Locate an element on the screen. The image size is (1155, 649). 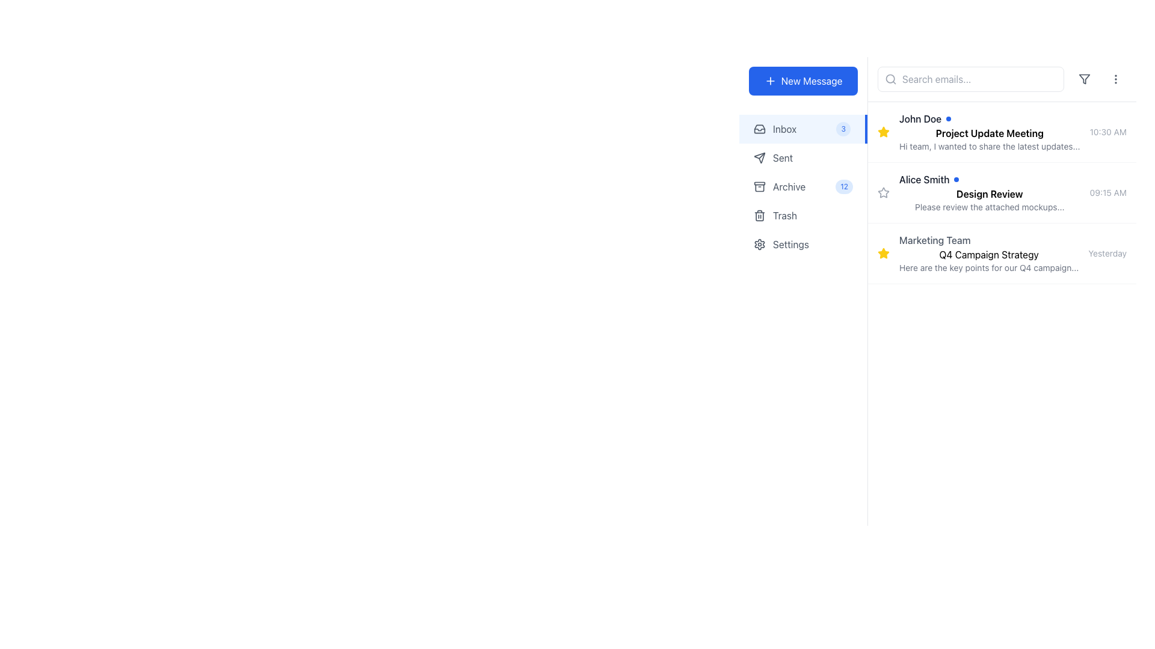
the text label displaying 'Design Review' located in the second email listing in the inbox view, positioned below 'Alice Smith' and above the email preview is located at coordinates (990, 193).